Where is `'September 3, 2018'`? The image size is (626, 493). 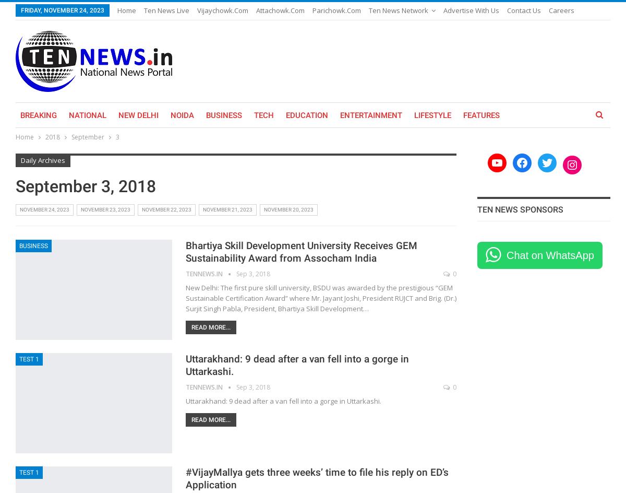
'September 3, 2018' is located at coordinates (85, 186).